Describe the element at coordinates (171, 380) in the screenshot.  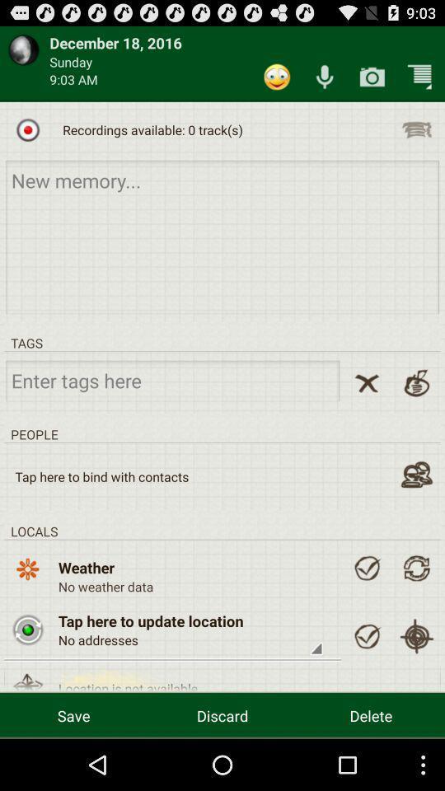
I see `search` at that location.